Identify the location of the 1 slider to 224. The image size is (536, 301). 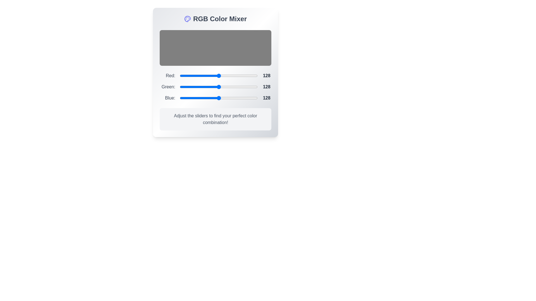
(248, 87).